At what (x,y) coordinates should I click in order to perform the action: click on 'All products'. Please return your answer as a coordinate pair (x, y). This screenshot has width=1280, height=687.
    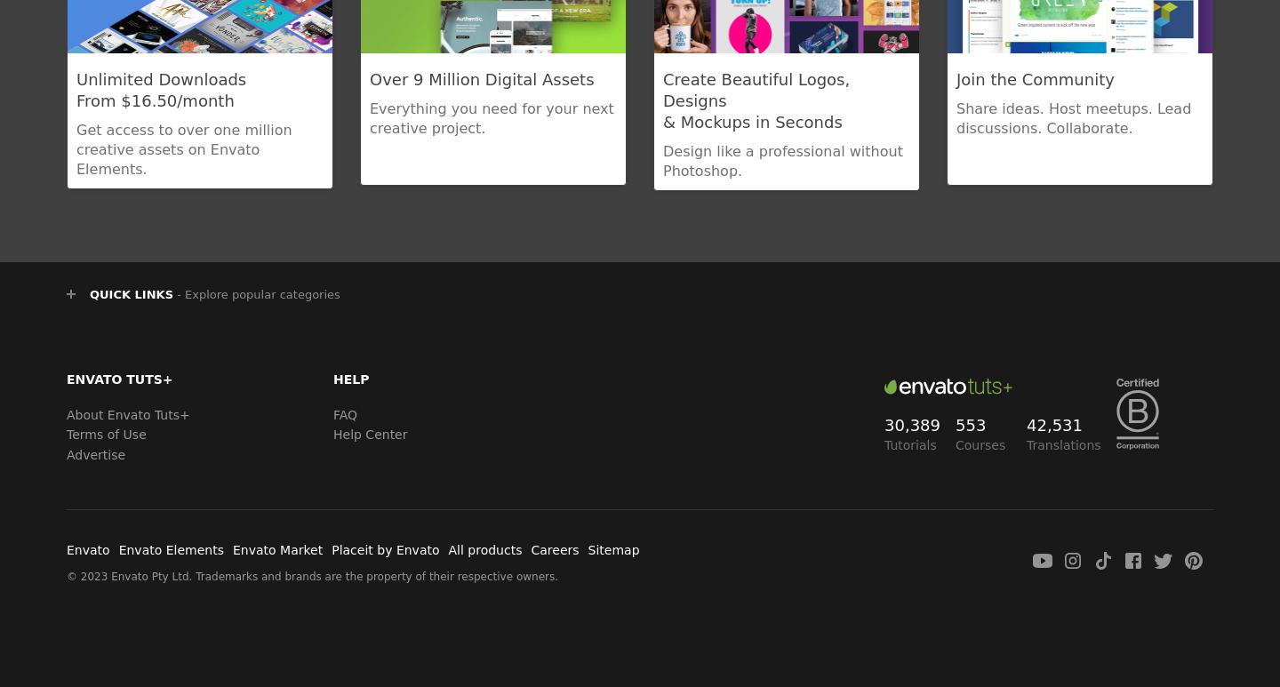
    Looking at the image, I should click on (484, 548).